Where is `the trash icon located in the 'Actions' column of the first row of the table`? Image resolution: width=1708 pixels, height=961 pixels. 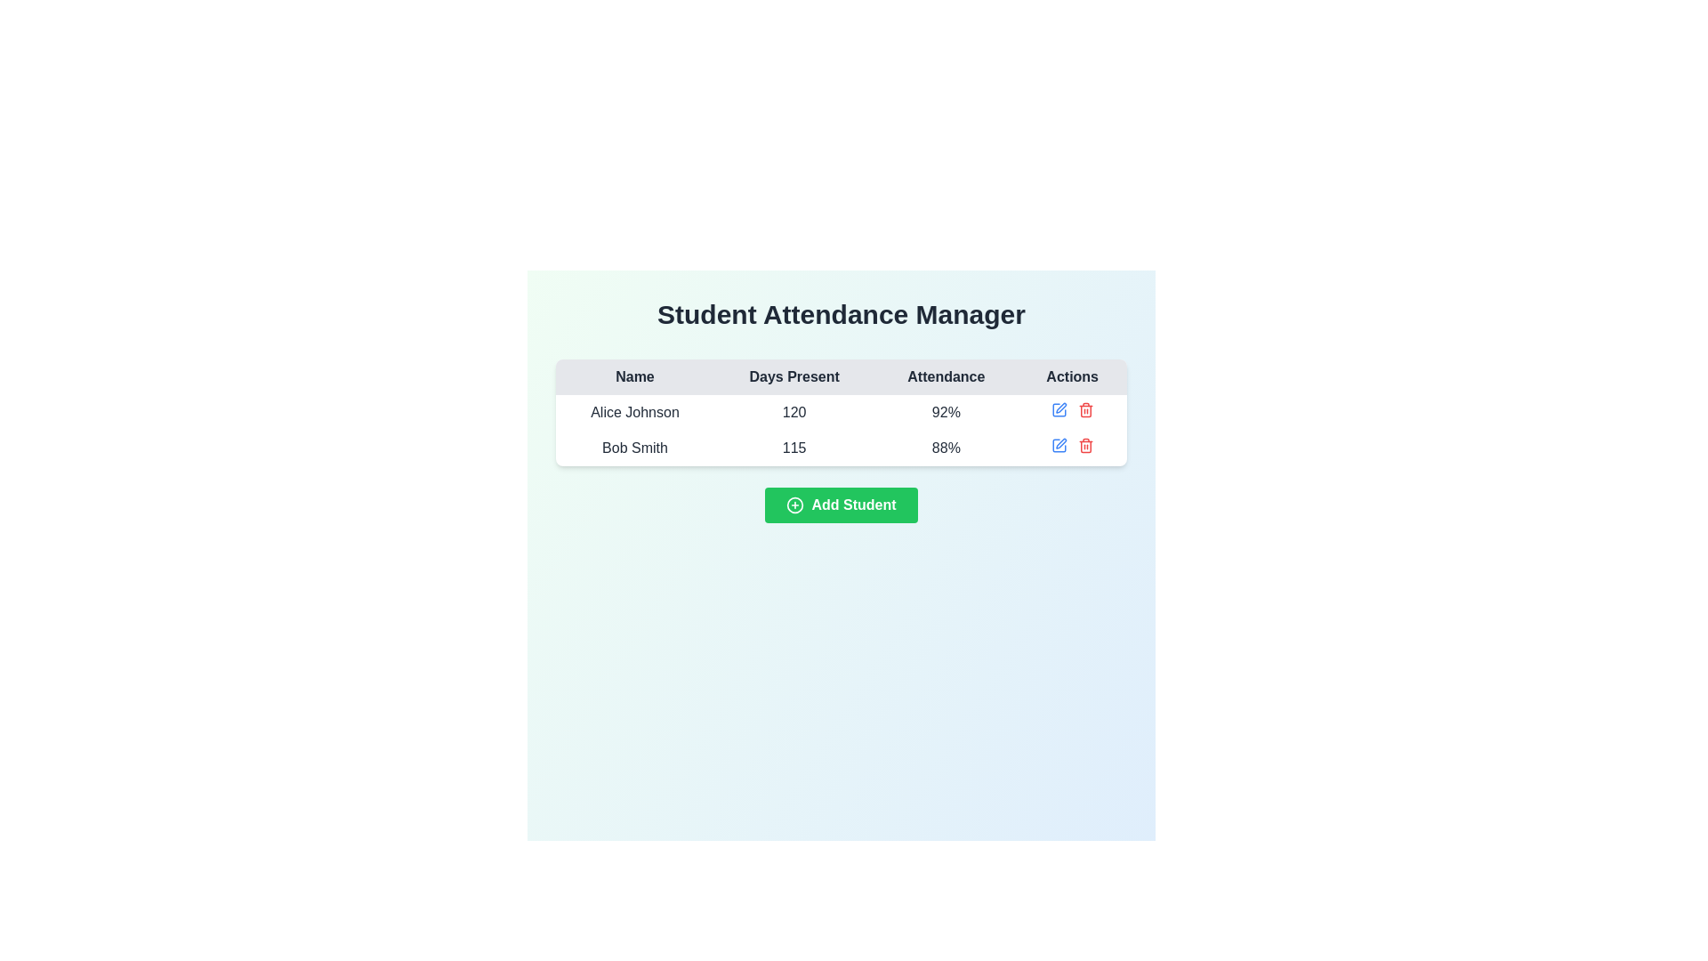 the trash icon located in the 'Actions' column of the first row of the table is located at coordinates (1070, 410).